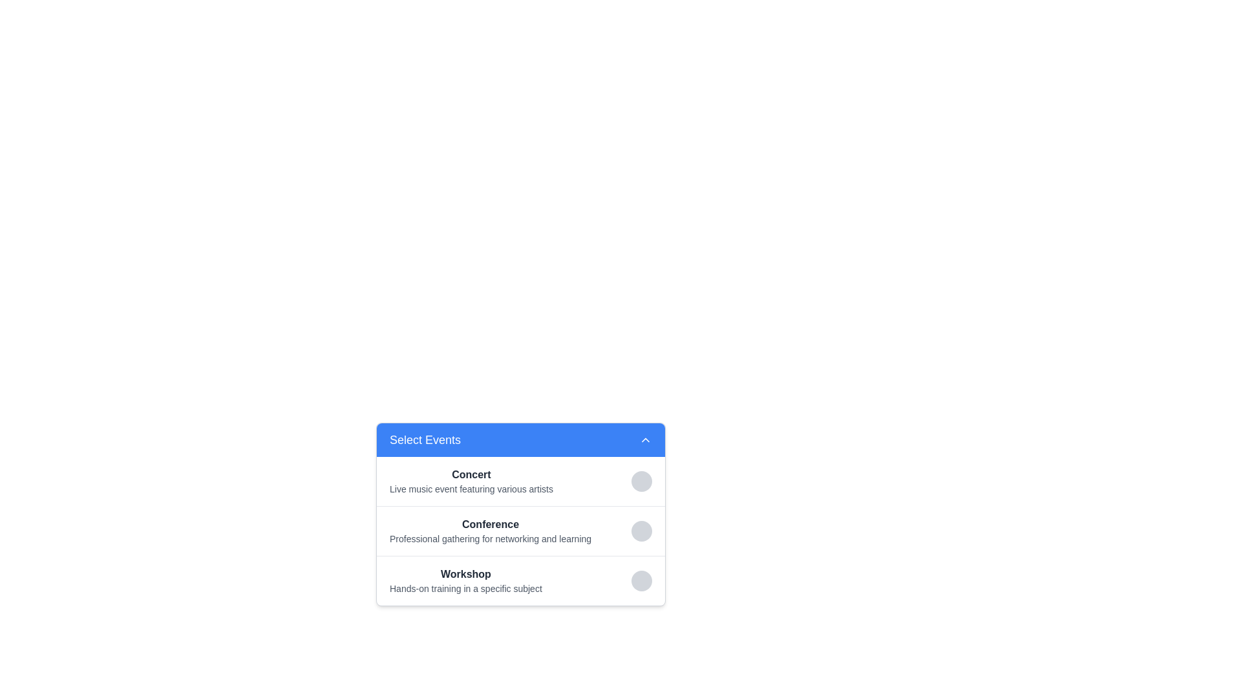 The height and width of the screenshot is (698, 1241). Describe the element at coordinates (465, 588) in the screenshot. I see `the static text label that provides detailed information about the 'Workshop' event, located directly below the bold 'Workshop' title` at that location.